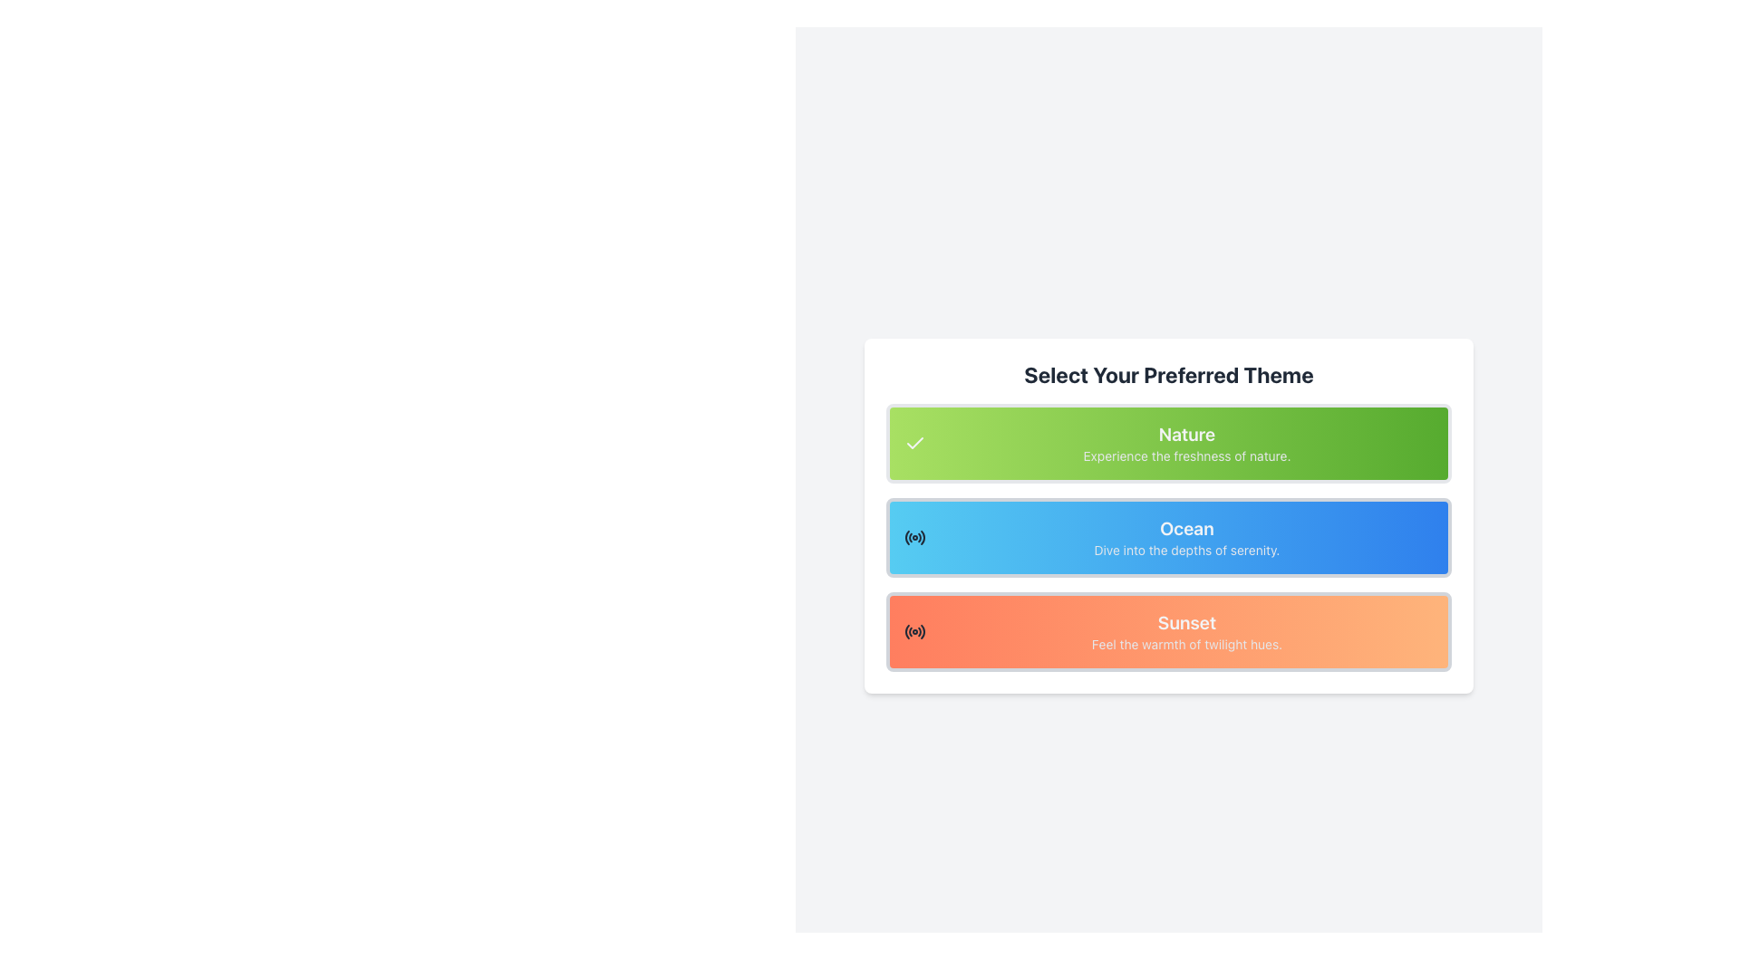  Describe the element at coordinates (1169, 537) in the screenshot. I see `the 'Ocean' selectable button for keyboard navigation` at that location.